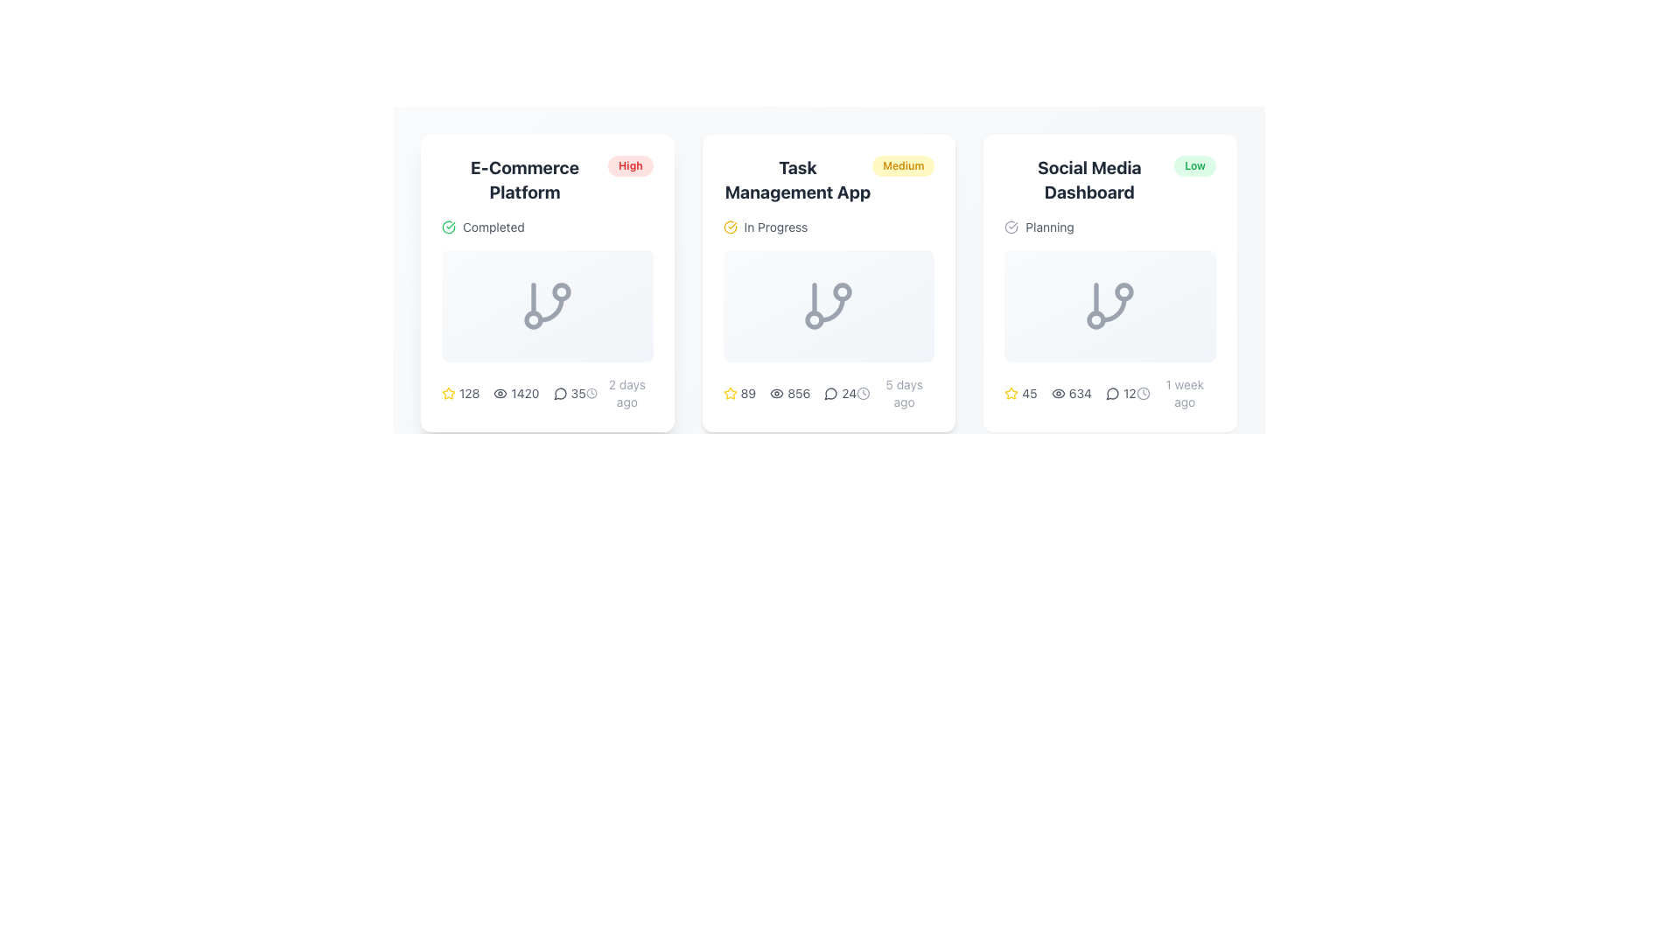 This screenshot has width=1680, height=945. I want to click on the visual content of the SVG-based icon within the top-left card labeled 'E-Commerce Platform', which indicates project status and is positioned under 'Completed', so click(546, 305).